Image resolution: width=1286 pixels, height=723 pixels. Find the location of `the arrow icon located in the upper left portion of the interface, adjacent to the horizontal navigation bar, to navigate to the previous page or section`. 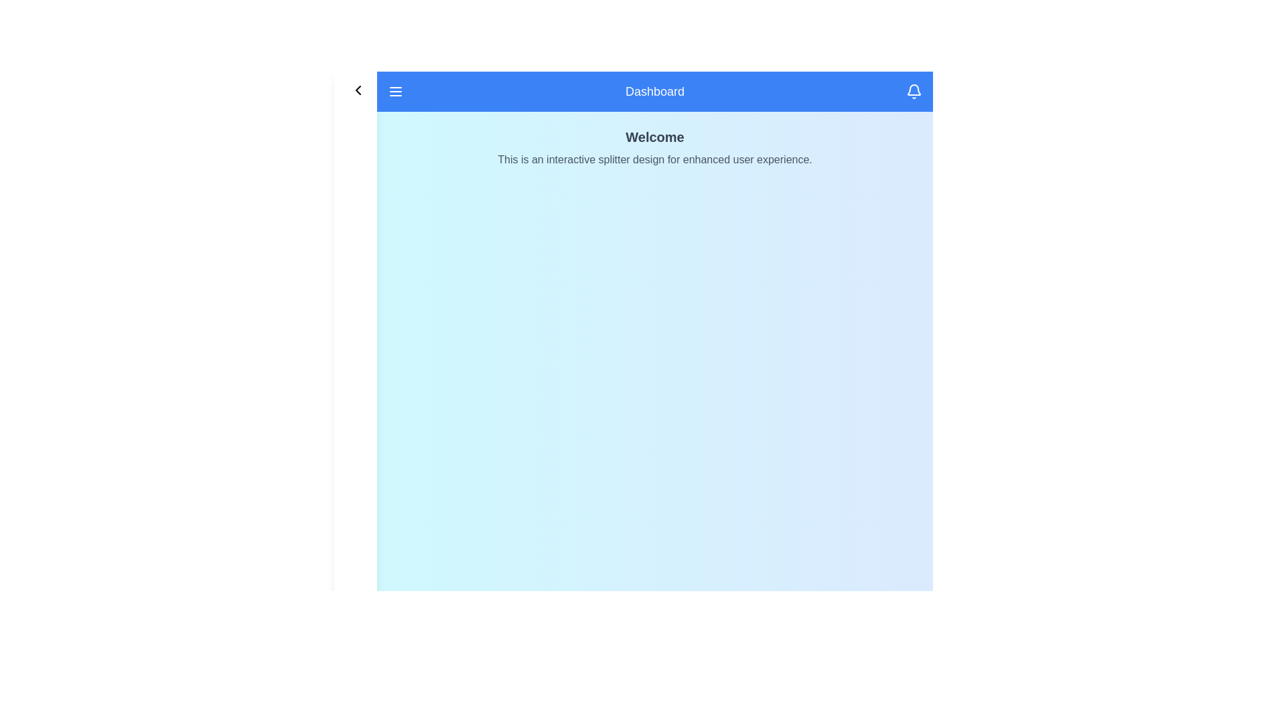

the arrow icon located in the upper left portion of the interface, adjacent to the horizontal navigation bar, to navigate to the previous page or section is located at coordinates (358, 90).